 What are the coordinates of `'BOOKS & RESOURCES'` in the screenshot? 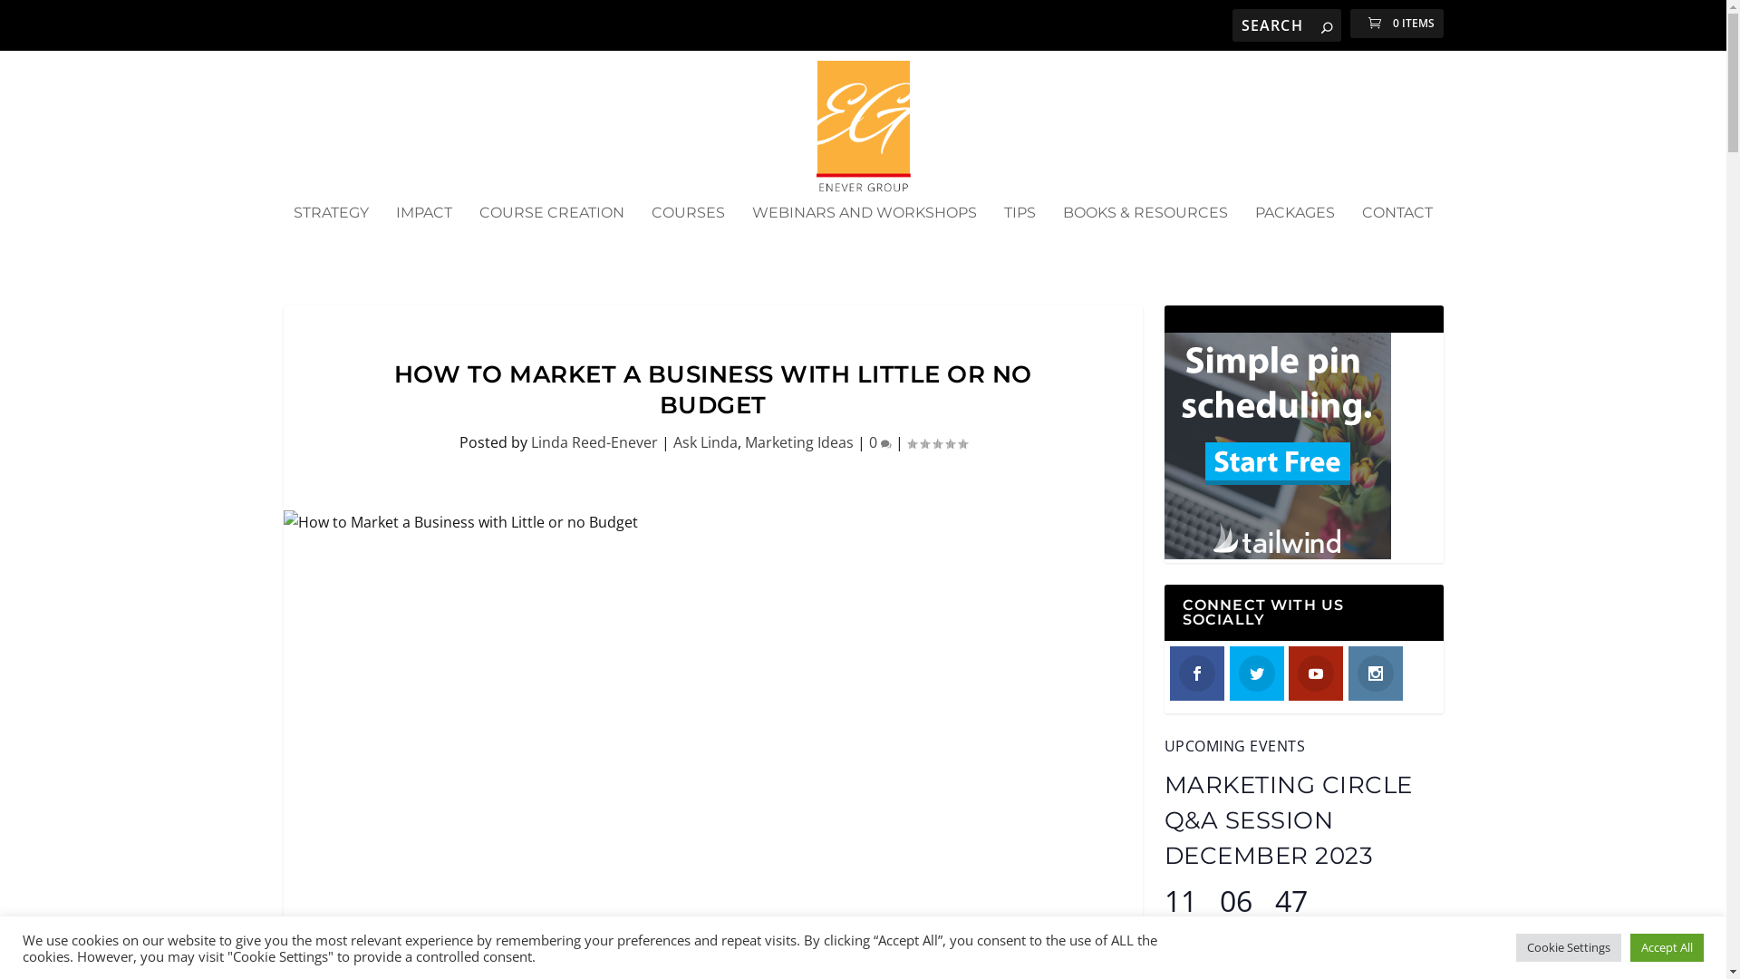 It's located at (1144, 237).